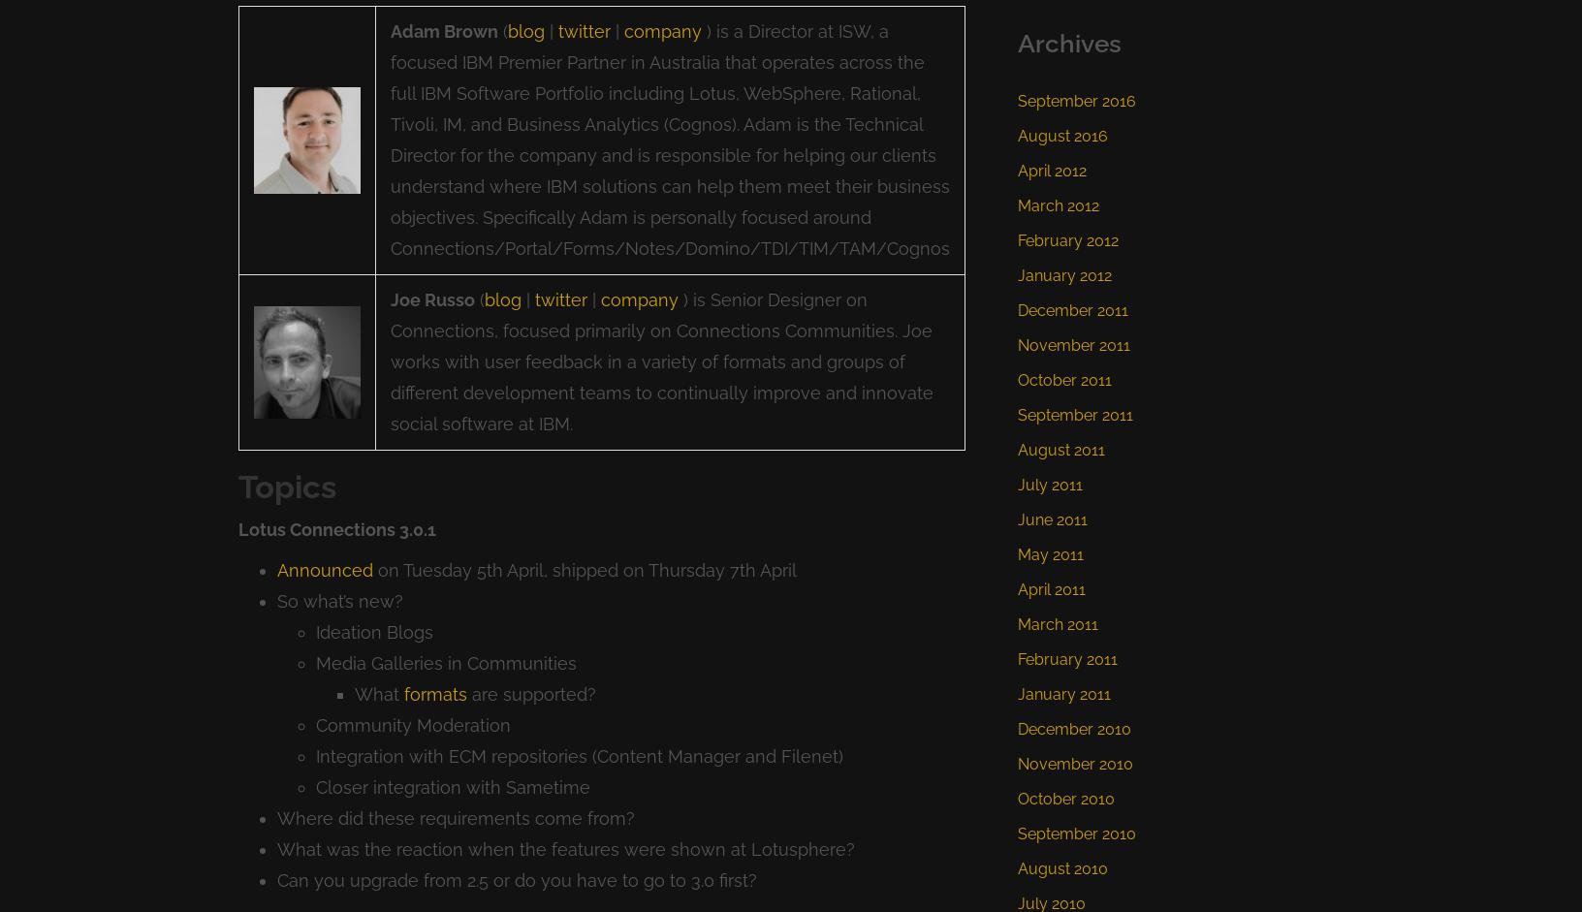 The image size is (1582, 912). What do you see at coordinates (1073, 727) in the screenshot?
I see `'December 2010'` at bounding box center [1073, 727].